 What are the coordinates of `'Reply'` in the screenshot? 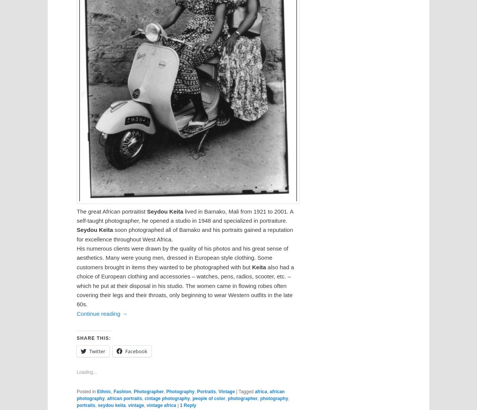 It's located at (189, 405).